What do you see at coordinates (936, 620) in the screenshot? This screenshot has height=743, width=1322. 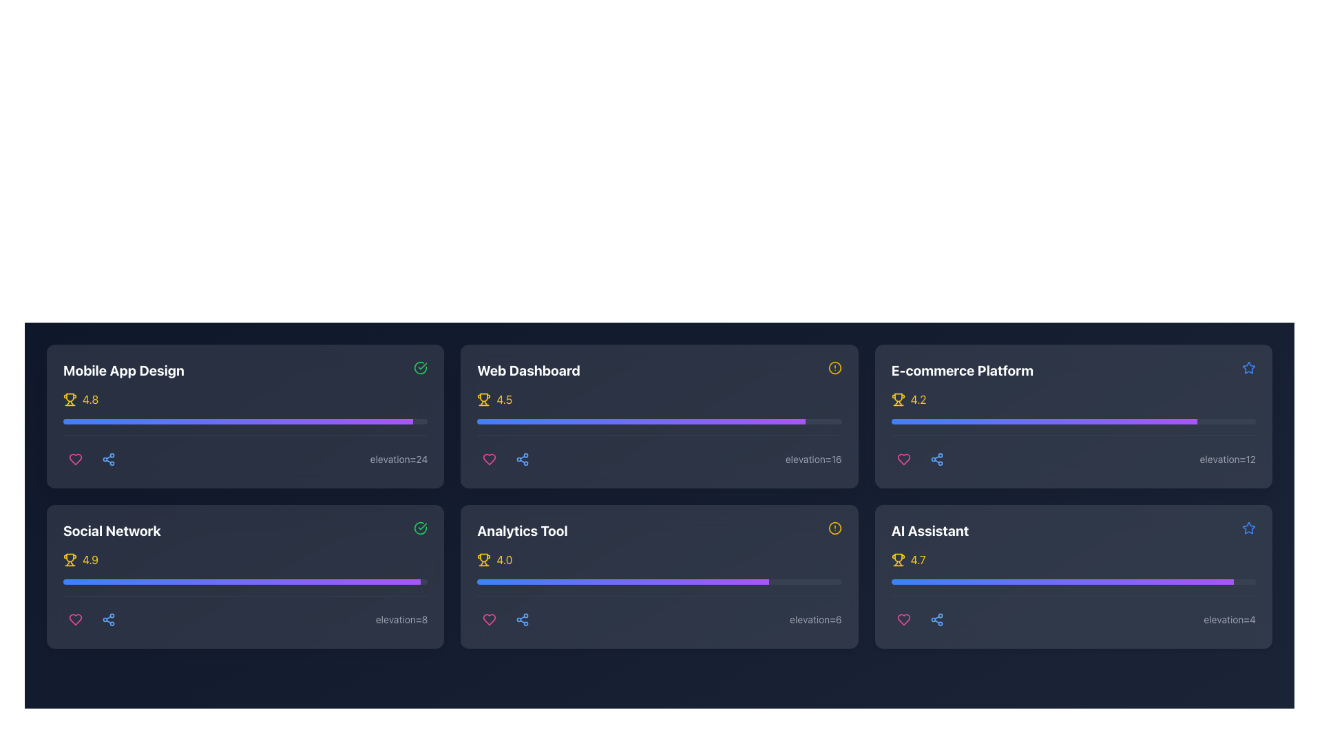 I see `the share icon represented as a cluster of three blue circles interconnected by lines, located in the bottom center of the 'AI Assistant' card to initiate a share prompt` at bounding box center [936, 620].